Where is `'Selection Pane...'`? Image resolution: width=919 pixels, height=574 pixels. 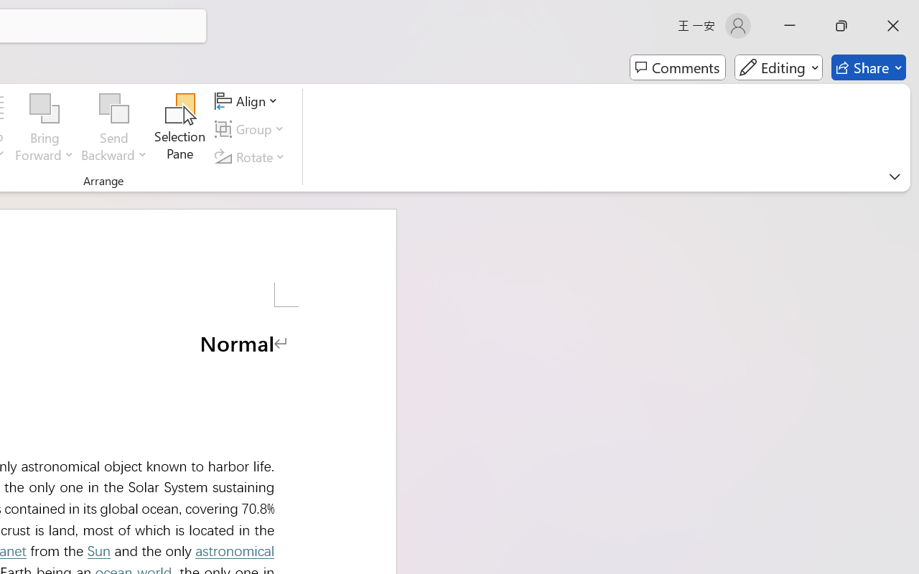 'Selection Pane...' is located at coordinates (179, 128).